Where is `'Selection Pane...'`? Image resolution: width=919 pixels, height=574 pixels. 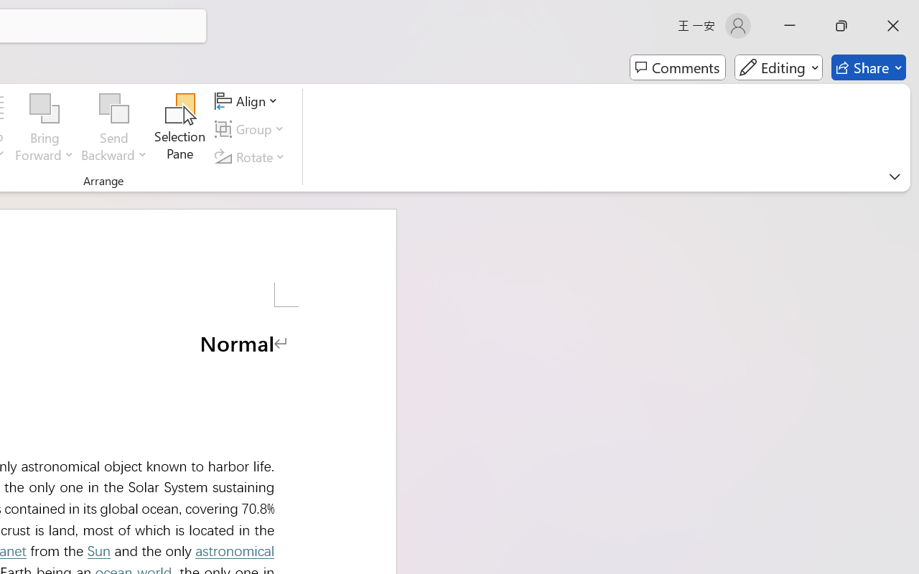 'Selection Pane...' is located at coordinates (179, 128).